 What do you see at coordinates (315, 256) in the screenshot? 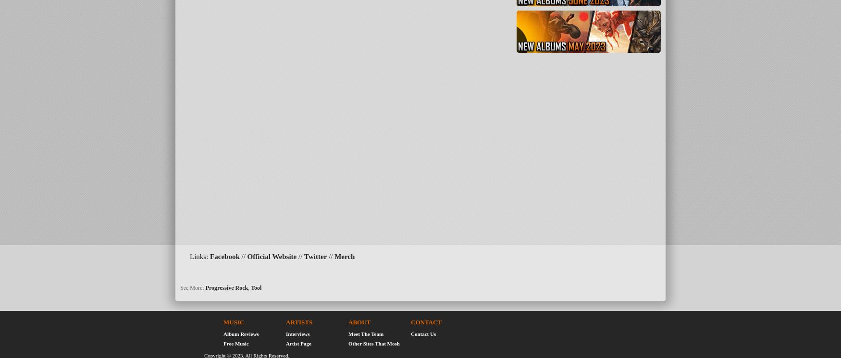
I see `'Twitter'` at bounding box center [315, 256].